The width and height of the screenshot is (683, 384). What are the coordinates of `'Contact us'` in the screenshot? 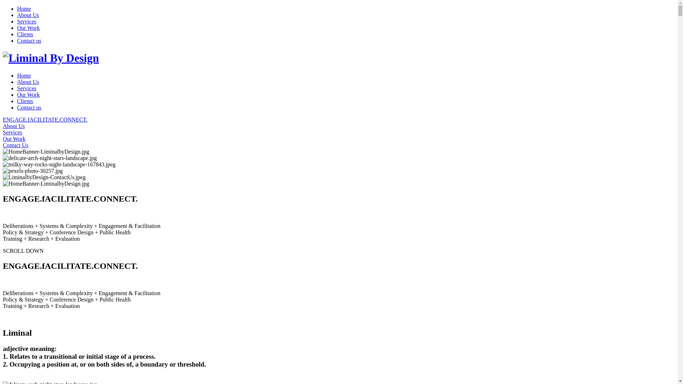 It's located at (28, 41).